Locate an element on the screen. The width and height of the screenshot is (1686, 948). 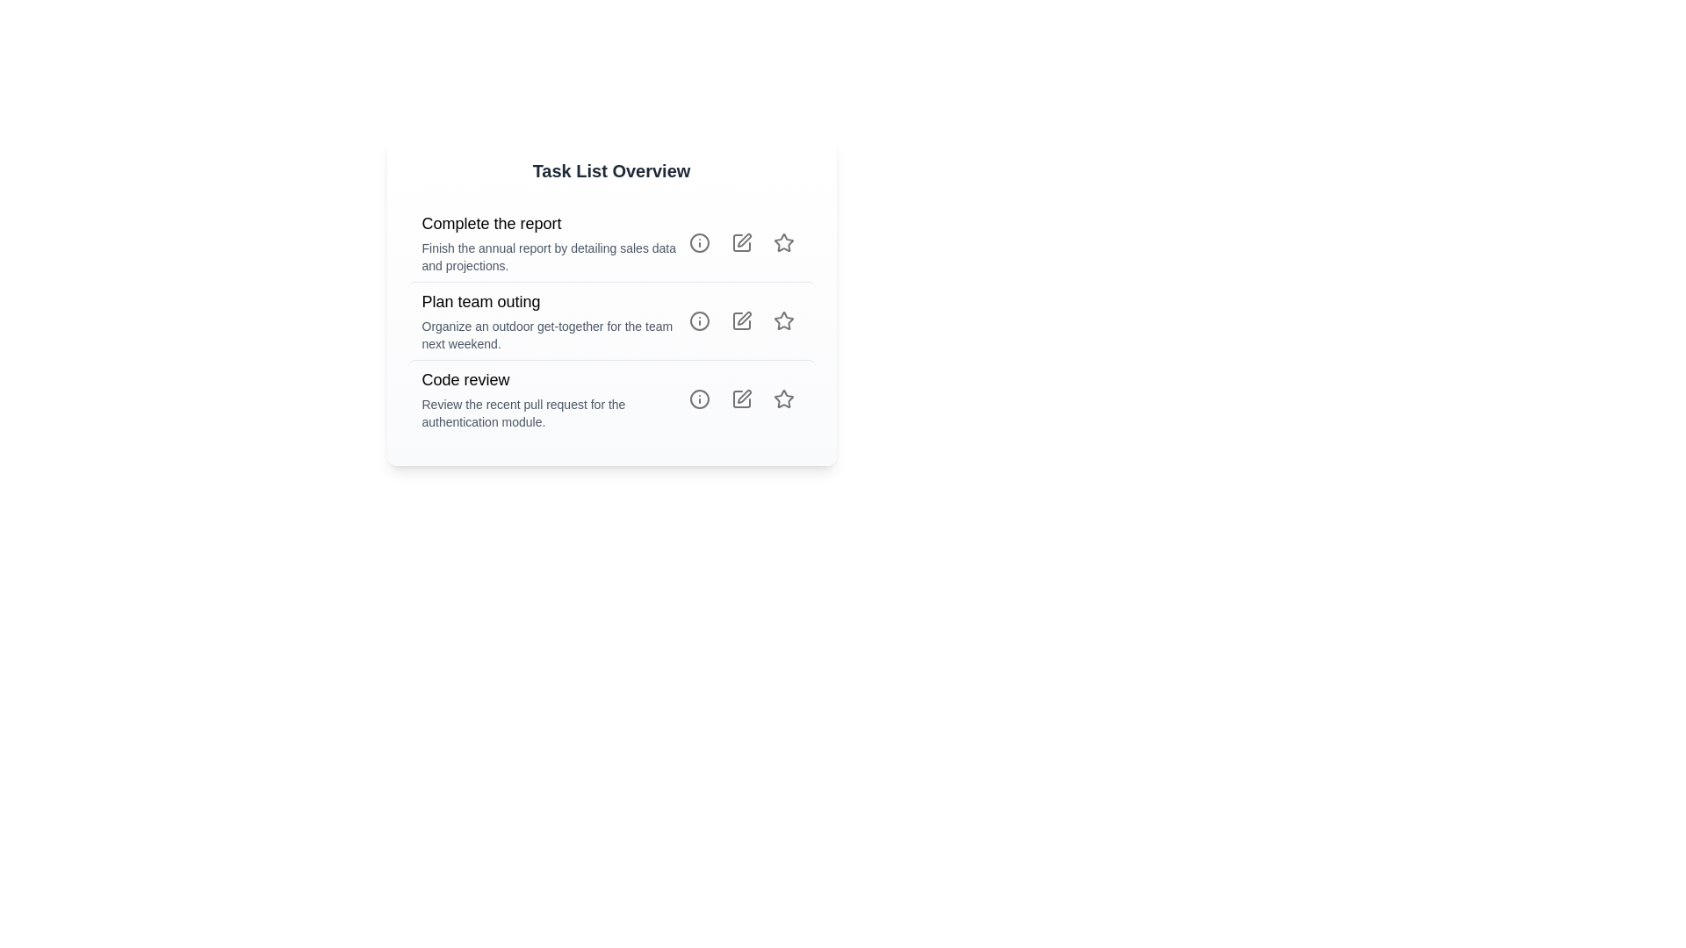
the green button with a pencil icon, located in the middle of three buttons on the right of the 'Complete the report' task, to initiate an edit action is located at coordinates (741, 243).